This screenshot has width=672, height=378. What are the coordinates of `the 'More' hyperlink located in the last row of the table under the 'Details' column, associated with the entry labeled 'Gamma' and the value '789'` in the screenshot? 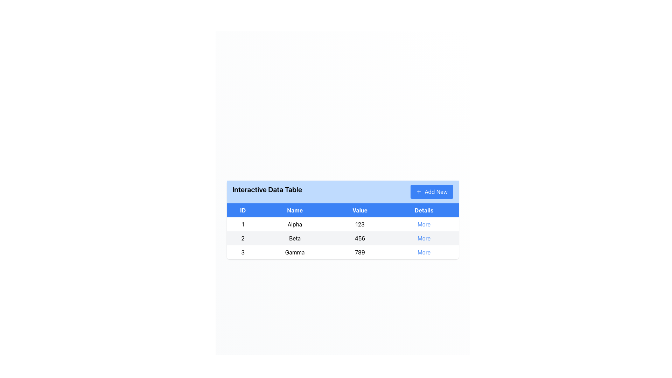 It's located at (423, 252).